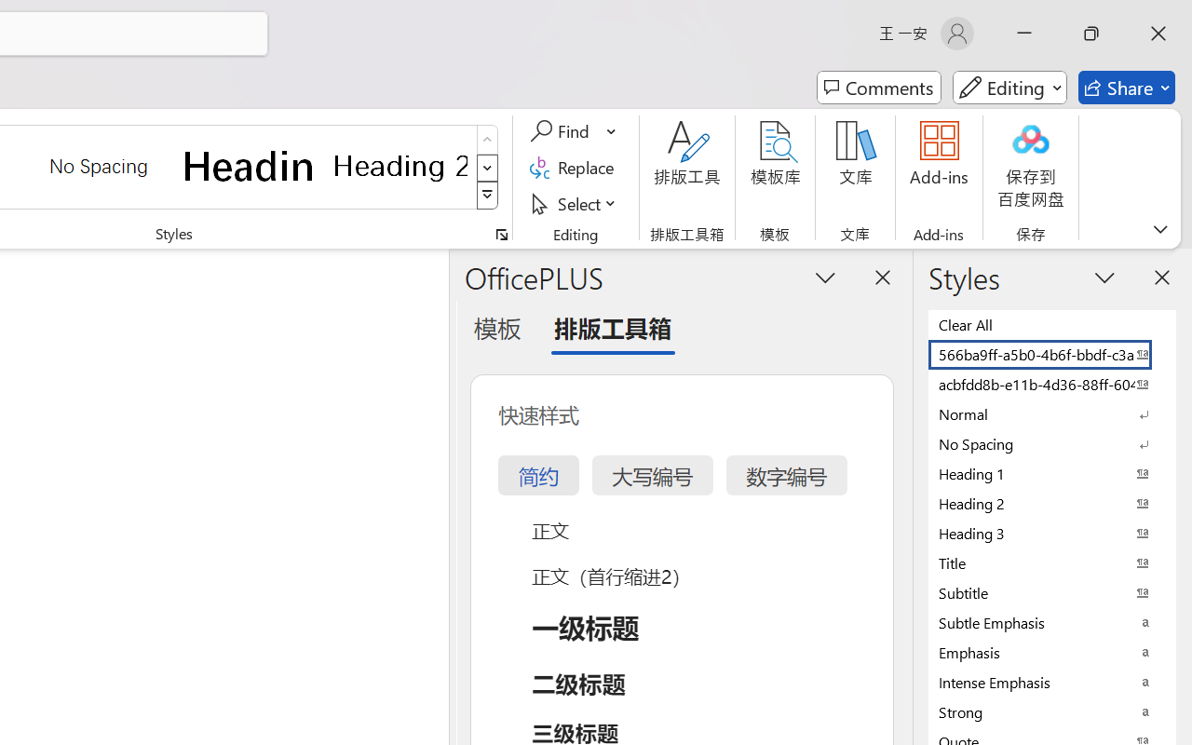  Describe the element at coordinates (1159, 228) in the screenshot. I see `'Ribbon Display Options'` at that location.